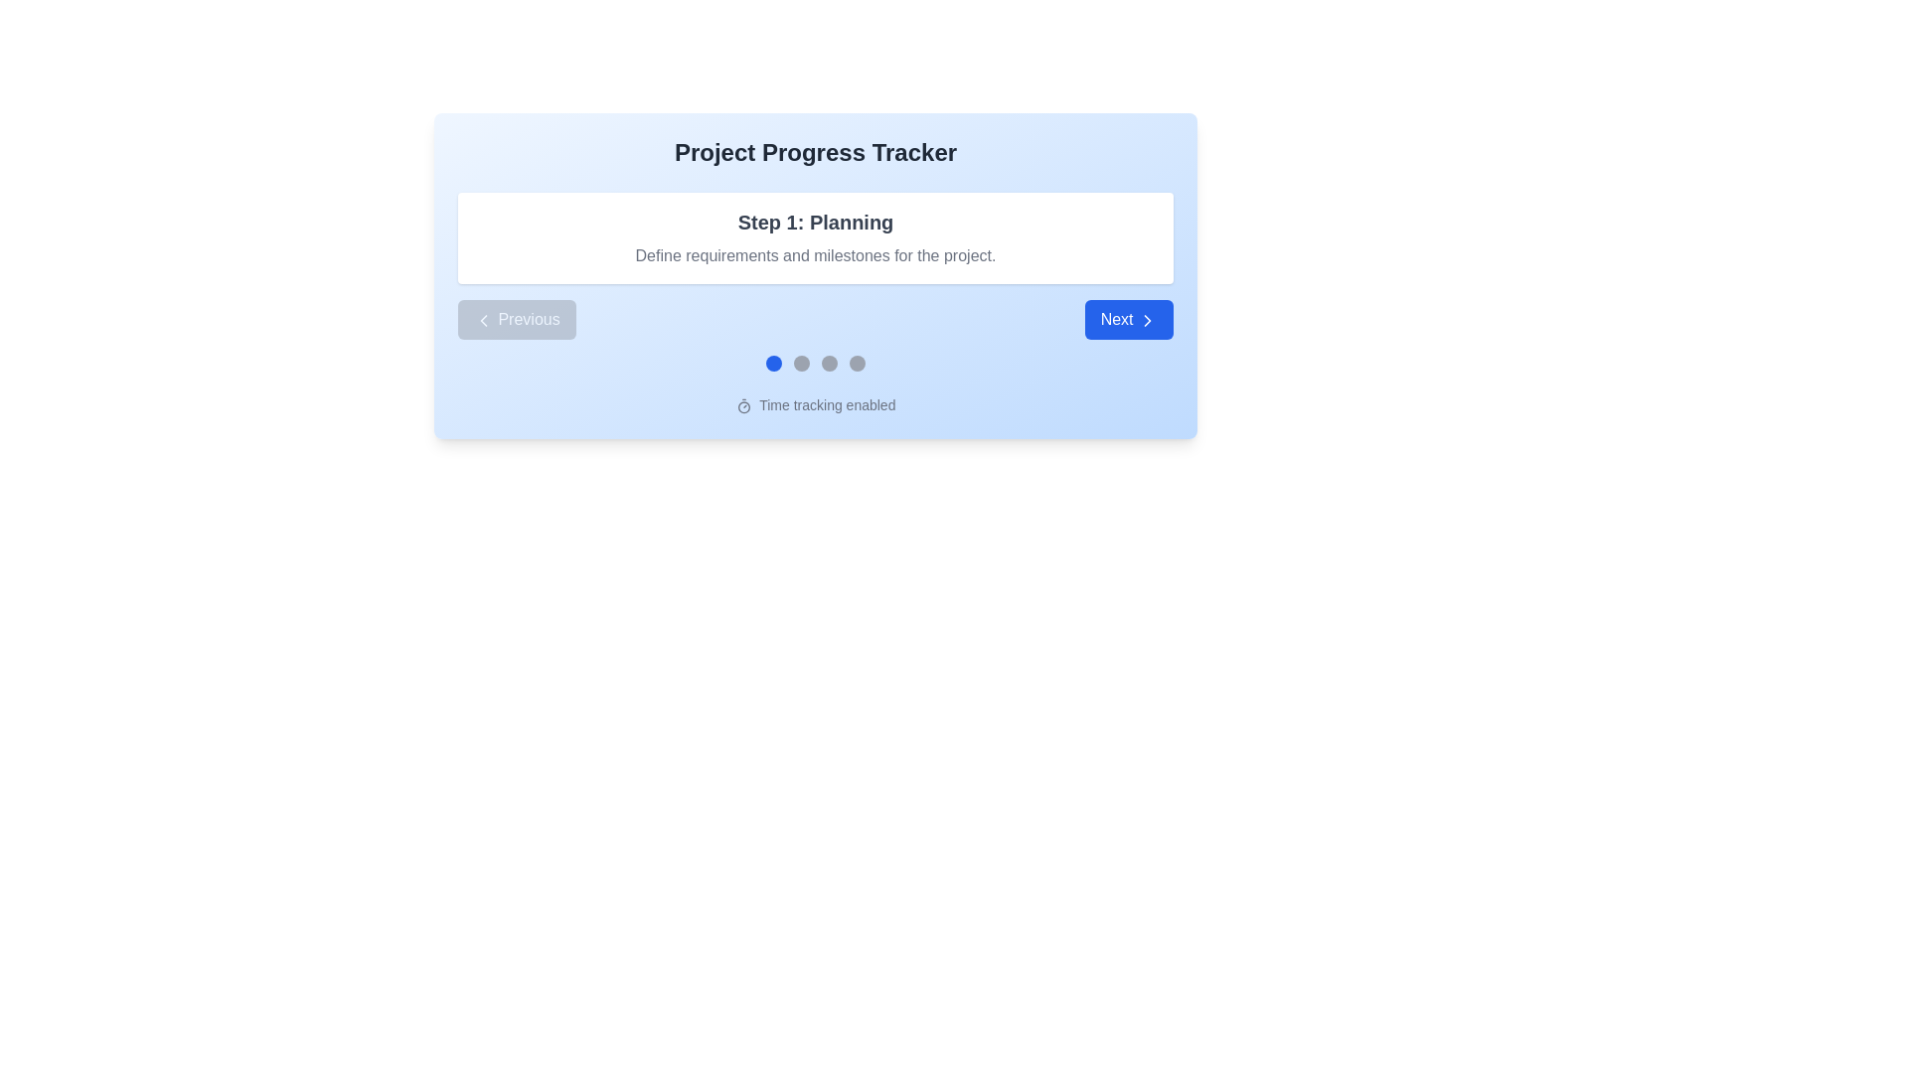 This screenshot has height=1073, width=1908. What do you see at coordinates (801, 364) in the screenshot?
I see `the second gray circle in the progress indicator group` at bounding box center [801, 364].